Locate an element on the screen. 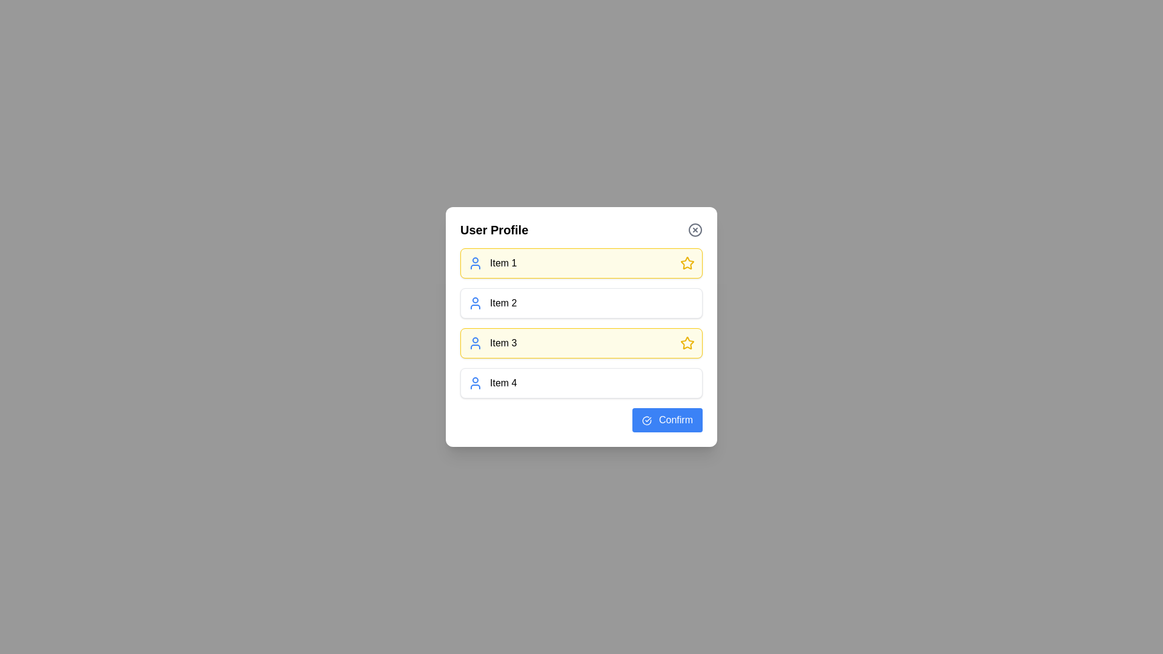  the entire list item component representing 'Item 3' is located at coordinates (581, 343).